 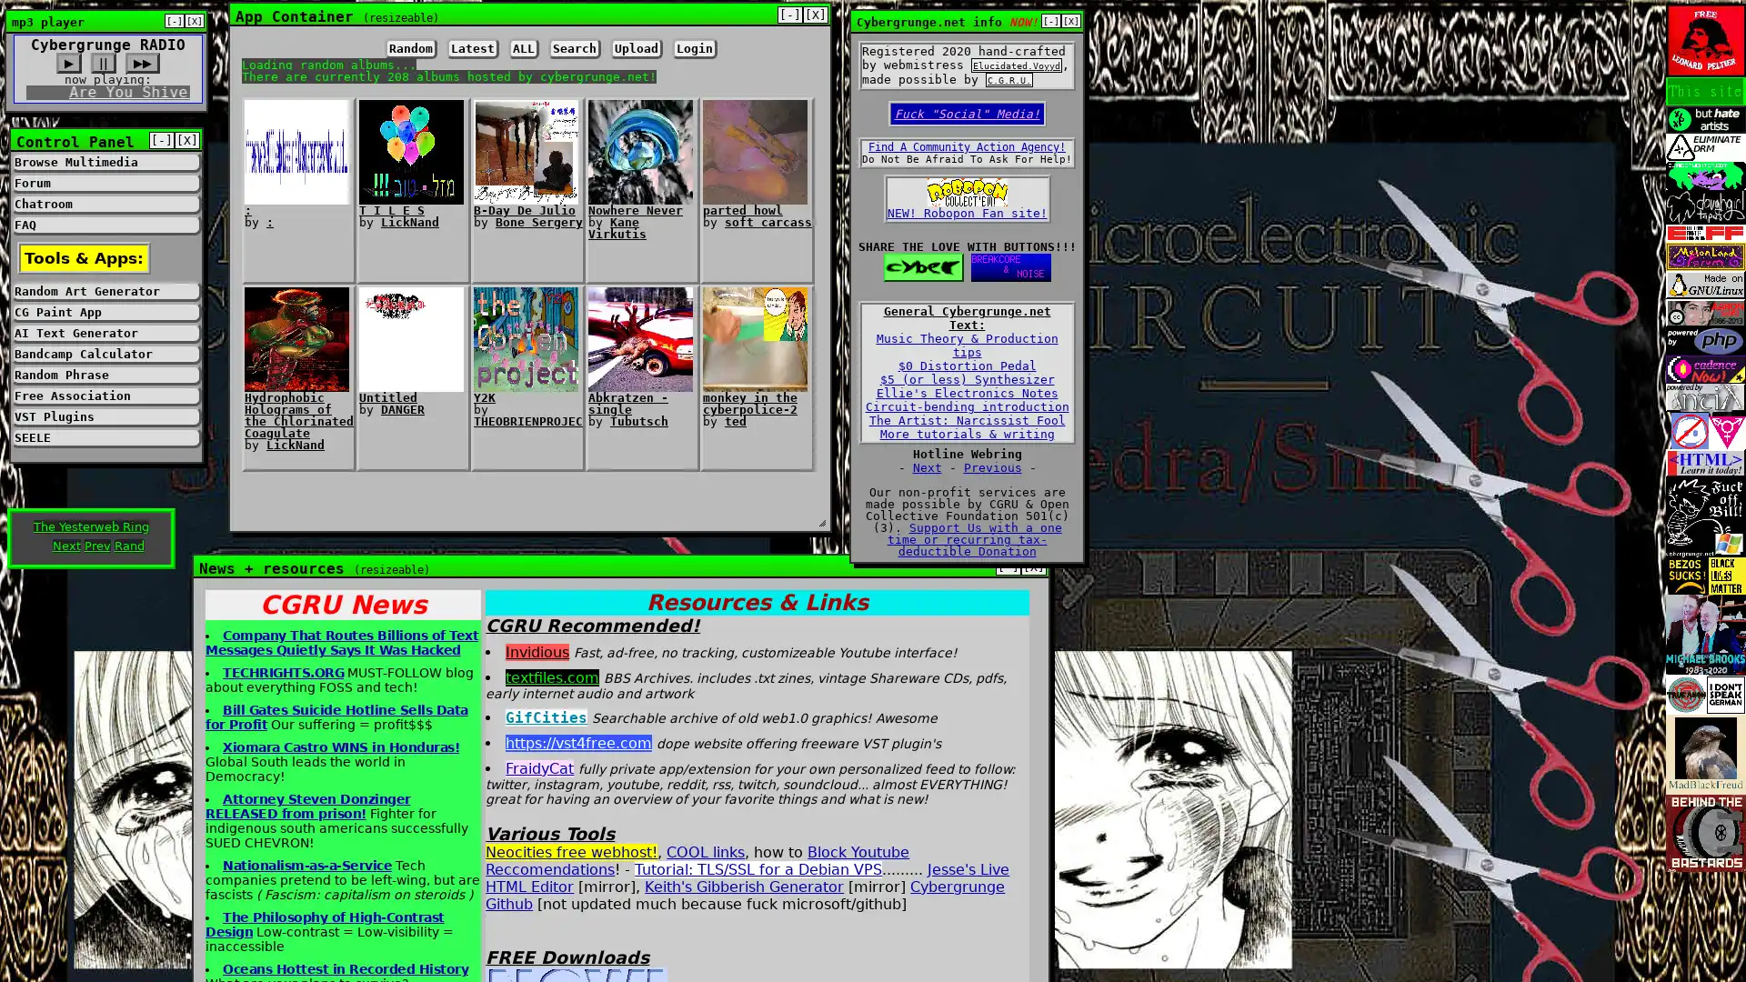 What do you see at coordinates (175, 21) in the screenshot?
I see `[-]` at bounding box center [175, 21].